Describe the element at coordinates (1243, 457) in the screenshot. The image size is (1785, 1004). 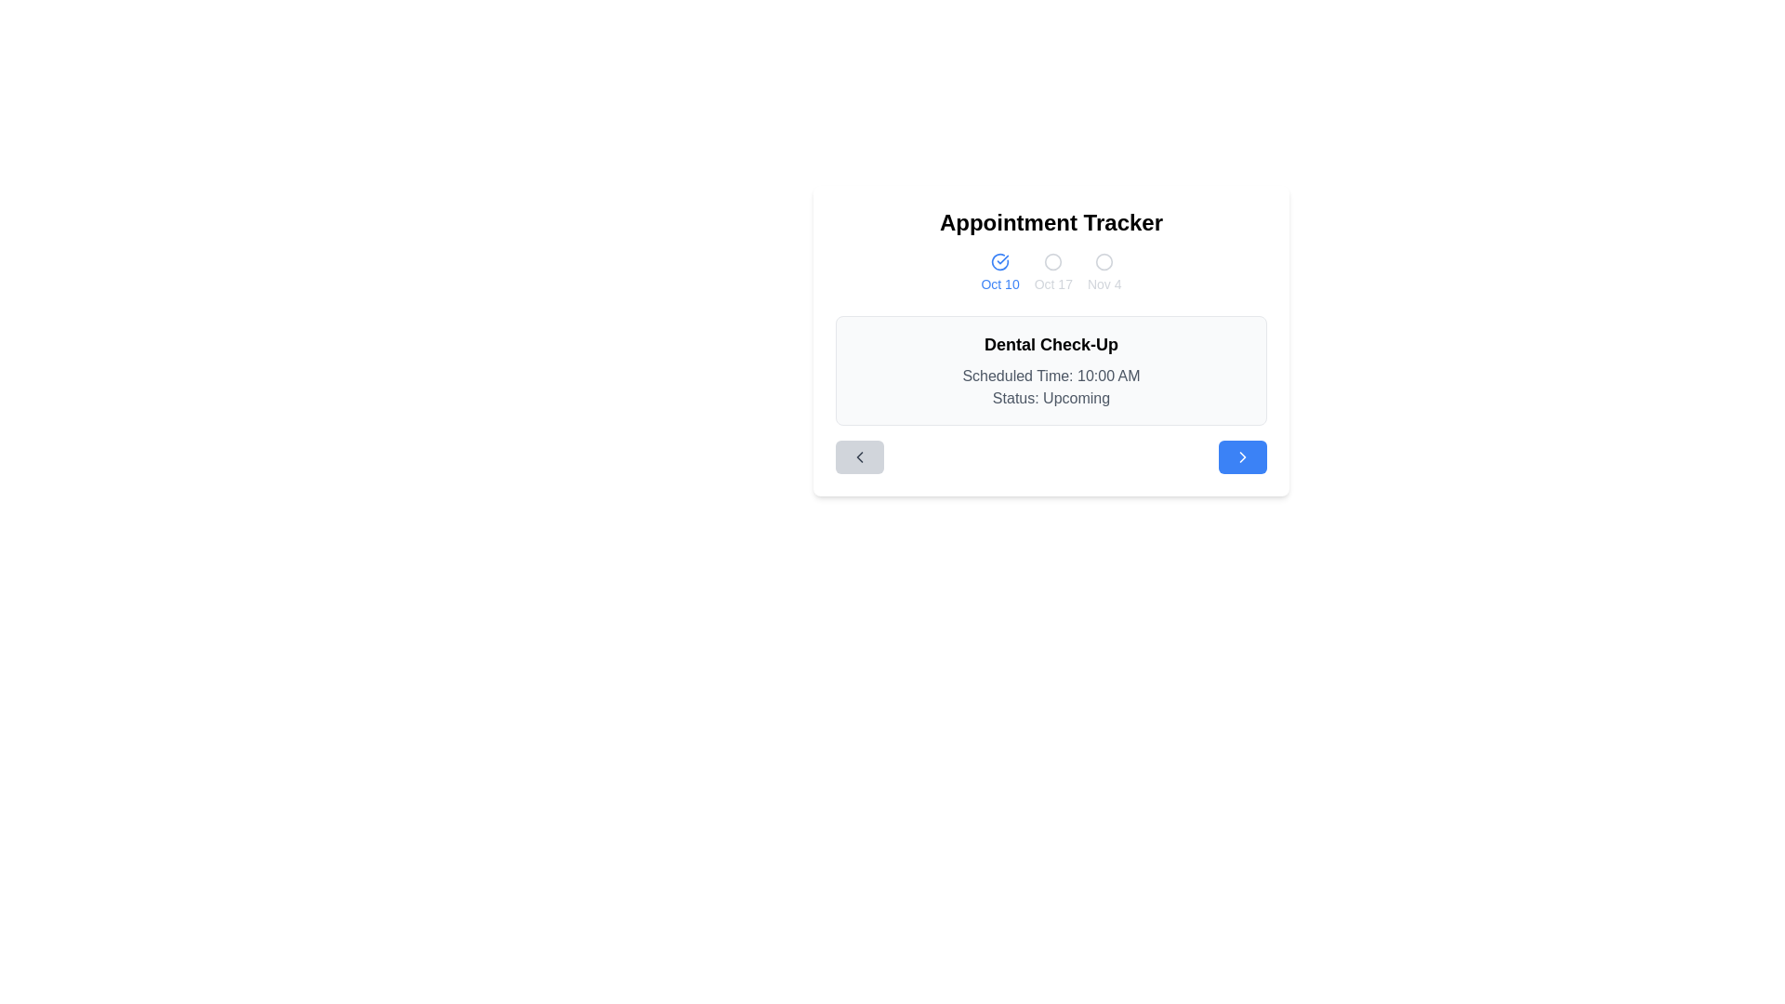
I see `the navigation icon located within the rounded blue button at the bottom right of the card` at that location.